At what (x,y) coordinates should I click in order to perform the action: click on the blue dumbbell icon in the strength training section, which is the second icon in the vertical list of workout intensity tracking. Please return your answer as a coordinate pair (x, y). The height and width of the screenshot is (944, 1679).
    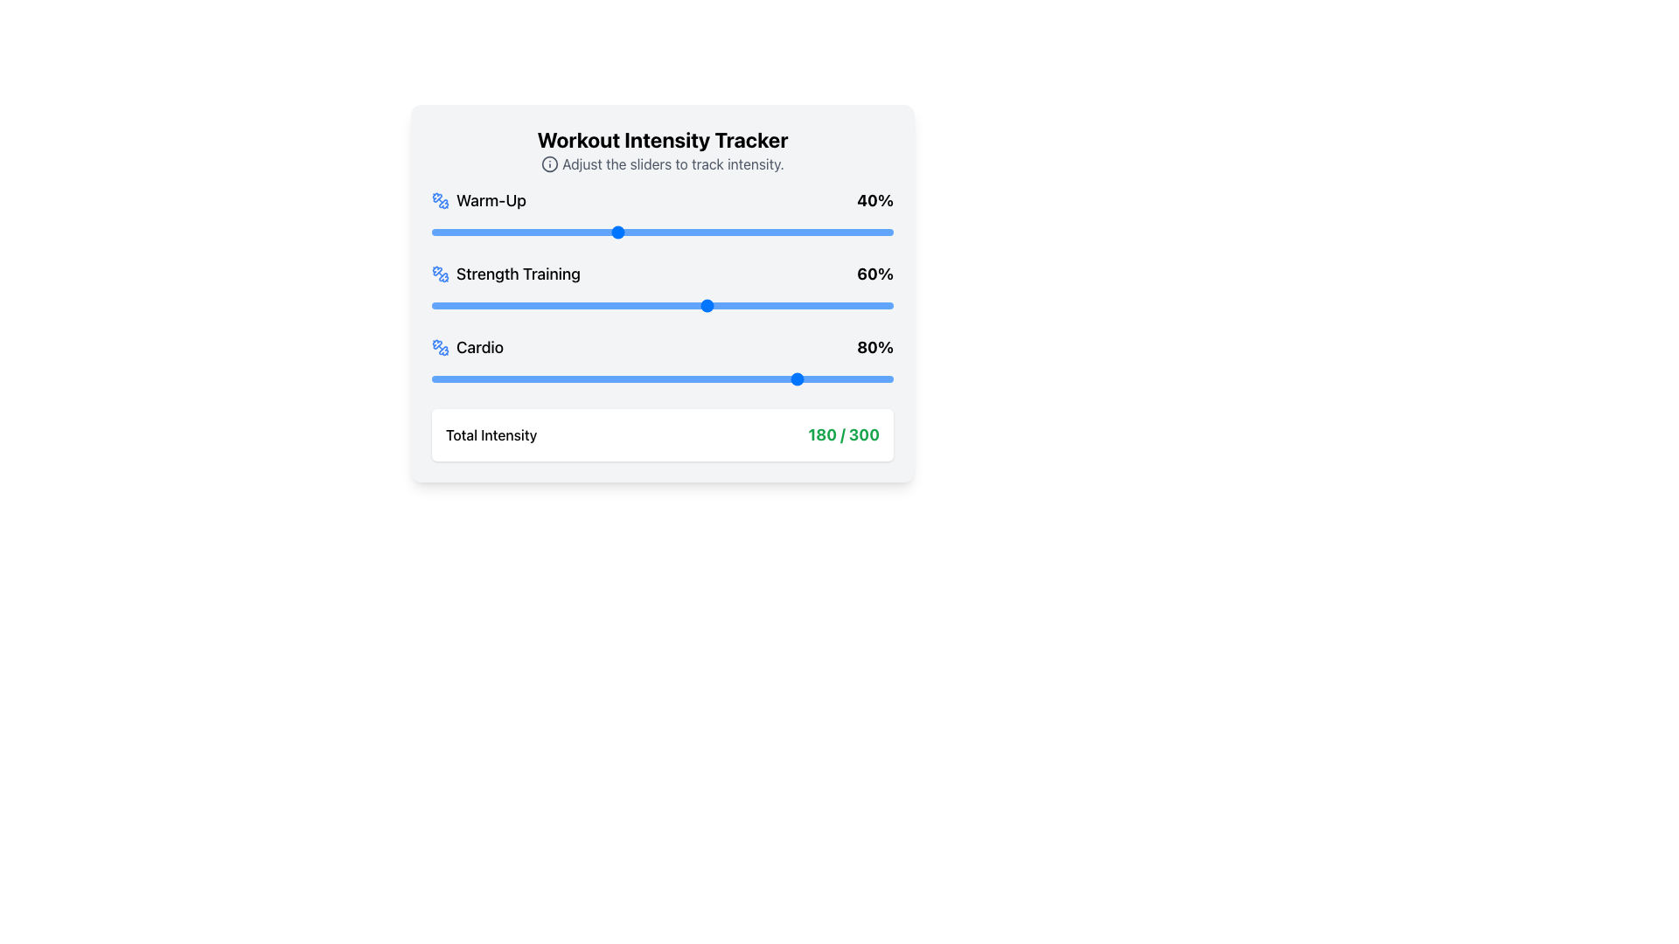
    Looking at the image, I should click on (443, 276).